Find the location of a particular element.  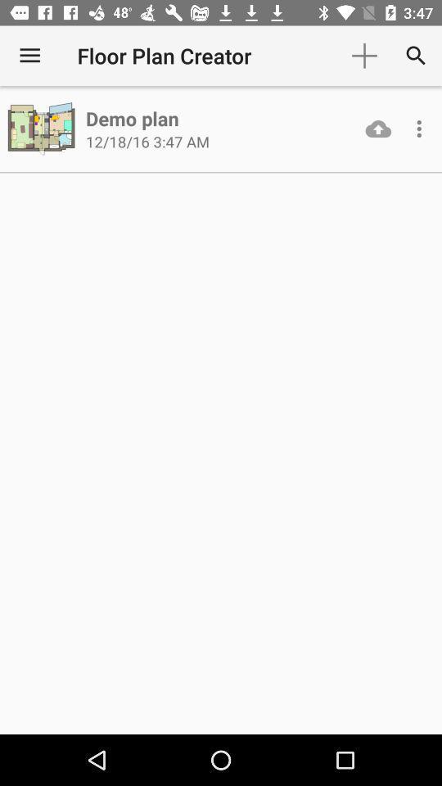

the icon to the left of floor plan creator item is located at coordinates (29, 56).